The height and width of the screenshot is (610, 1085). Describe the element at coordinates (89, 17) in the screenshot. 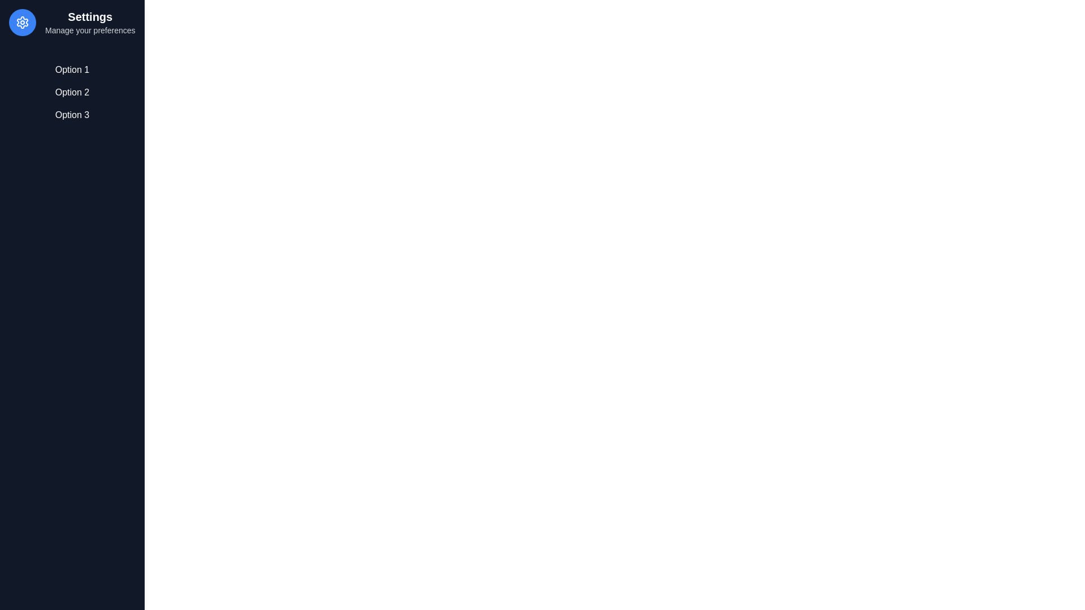

I see `the bold, large-sized 'Settings' text displayed in white on a dark blue background, located at the top left corner of the interface` at that location.